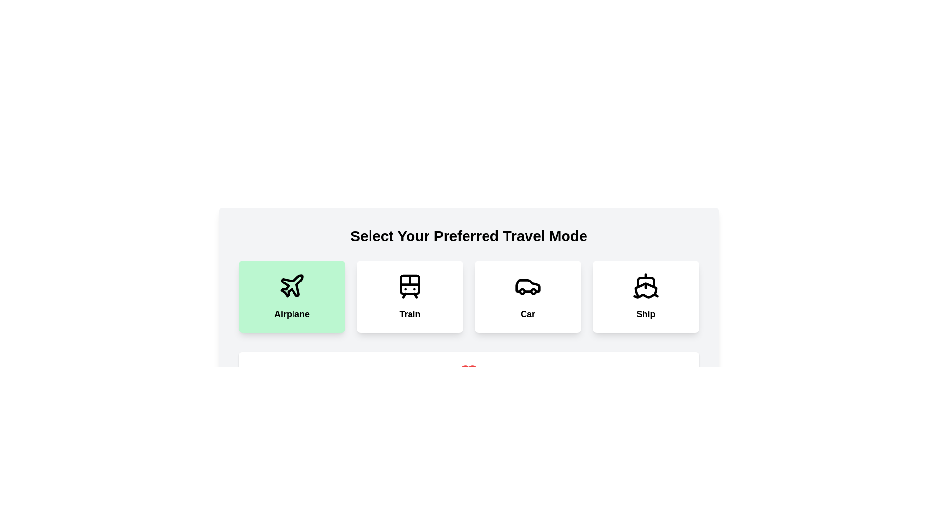  What do you see at coordinates (527, 285) in the screenshot?
I see `the vehicle icon representing the 'Car' option, which is the third card in the row under 'Select Your Preferred Travel Mode'` at bounding box center [527, 285].